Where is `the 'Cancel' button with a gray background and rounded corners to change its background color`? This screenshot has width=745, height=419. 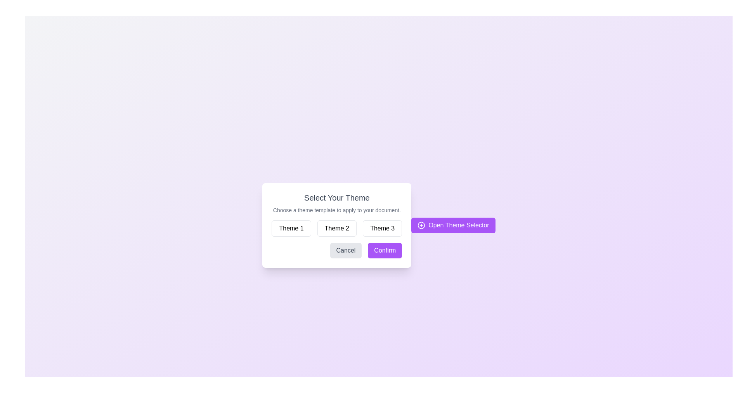
the 'Cancel' button with a gray background and rounded corners to change its background color is located at coordinates (345, 250).